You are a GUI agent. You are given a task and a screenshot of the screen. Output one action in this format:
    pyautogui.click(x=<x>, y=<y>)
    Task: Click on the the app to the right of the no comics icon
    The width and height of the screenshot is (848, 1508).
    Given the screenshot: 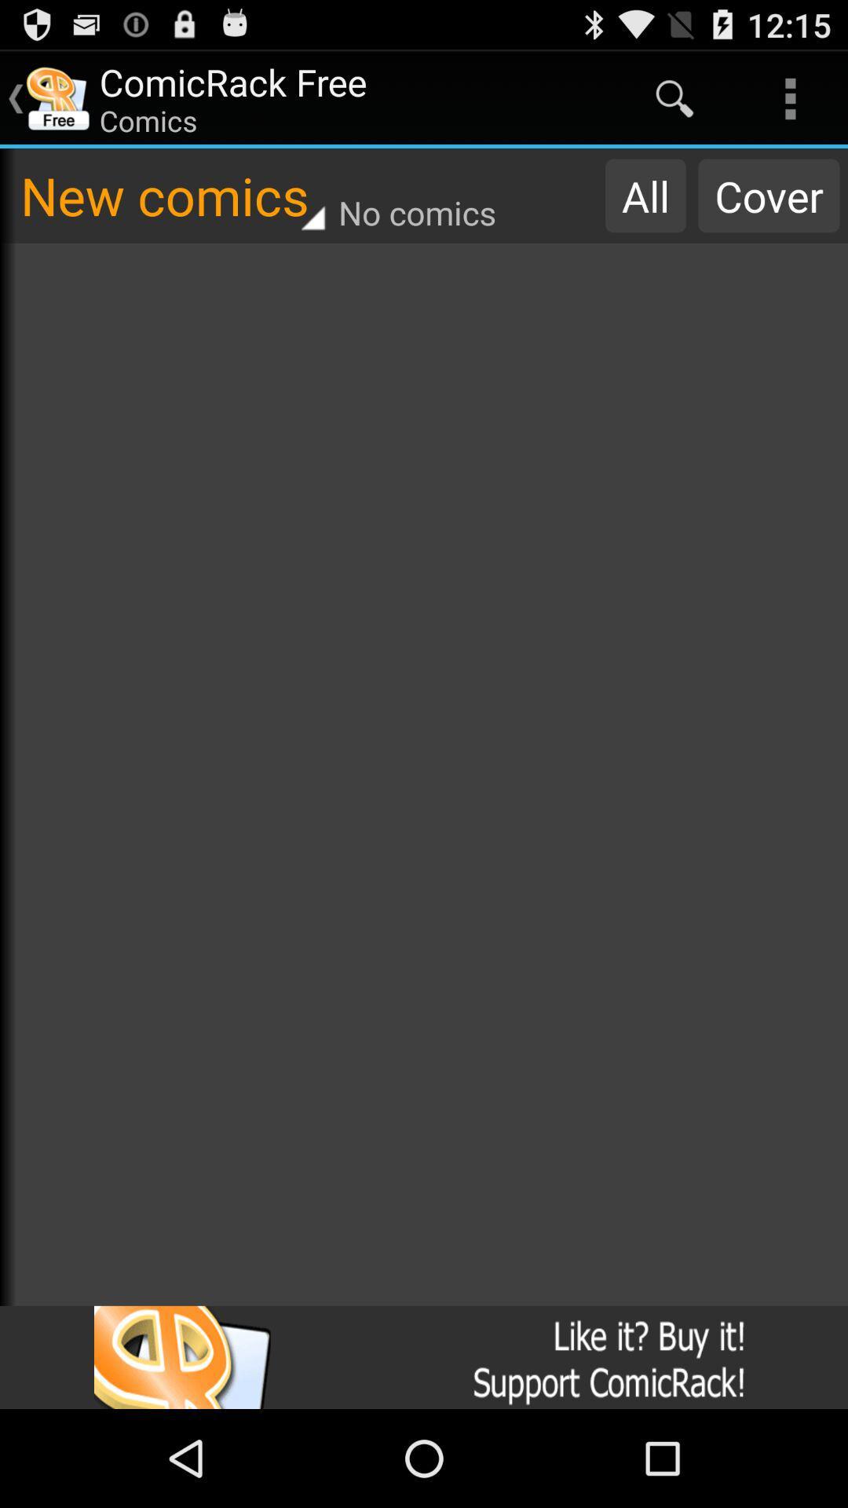 What is the action you would take?
    pyautogui.click(x=645, y=195)
    